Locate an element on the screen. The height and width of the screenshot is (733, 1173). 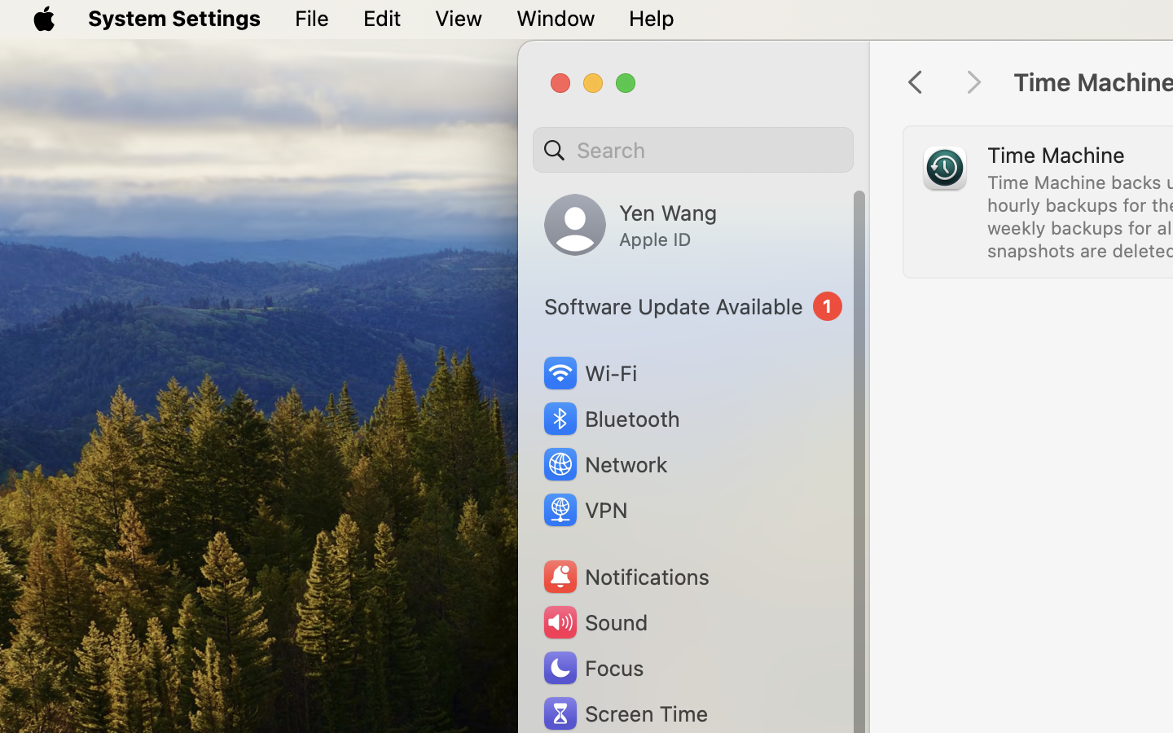
'Sound' is located at coordinates (593, 621).